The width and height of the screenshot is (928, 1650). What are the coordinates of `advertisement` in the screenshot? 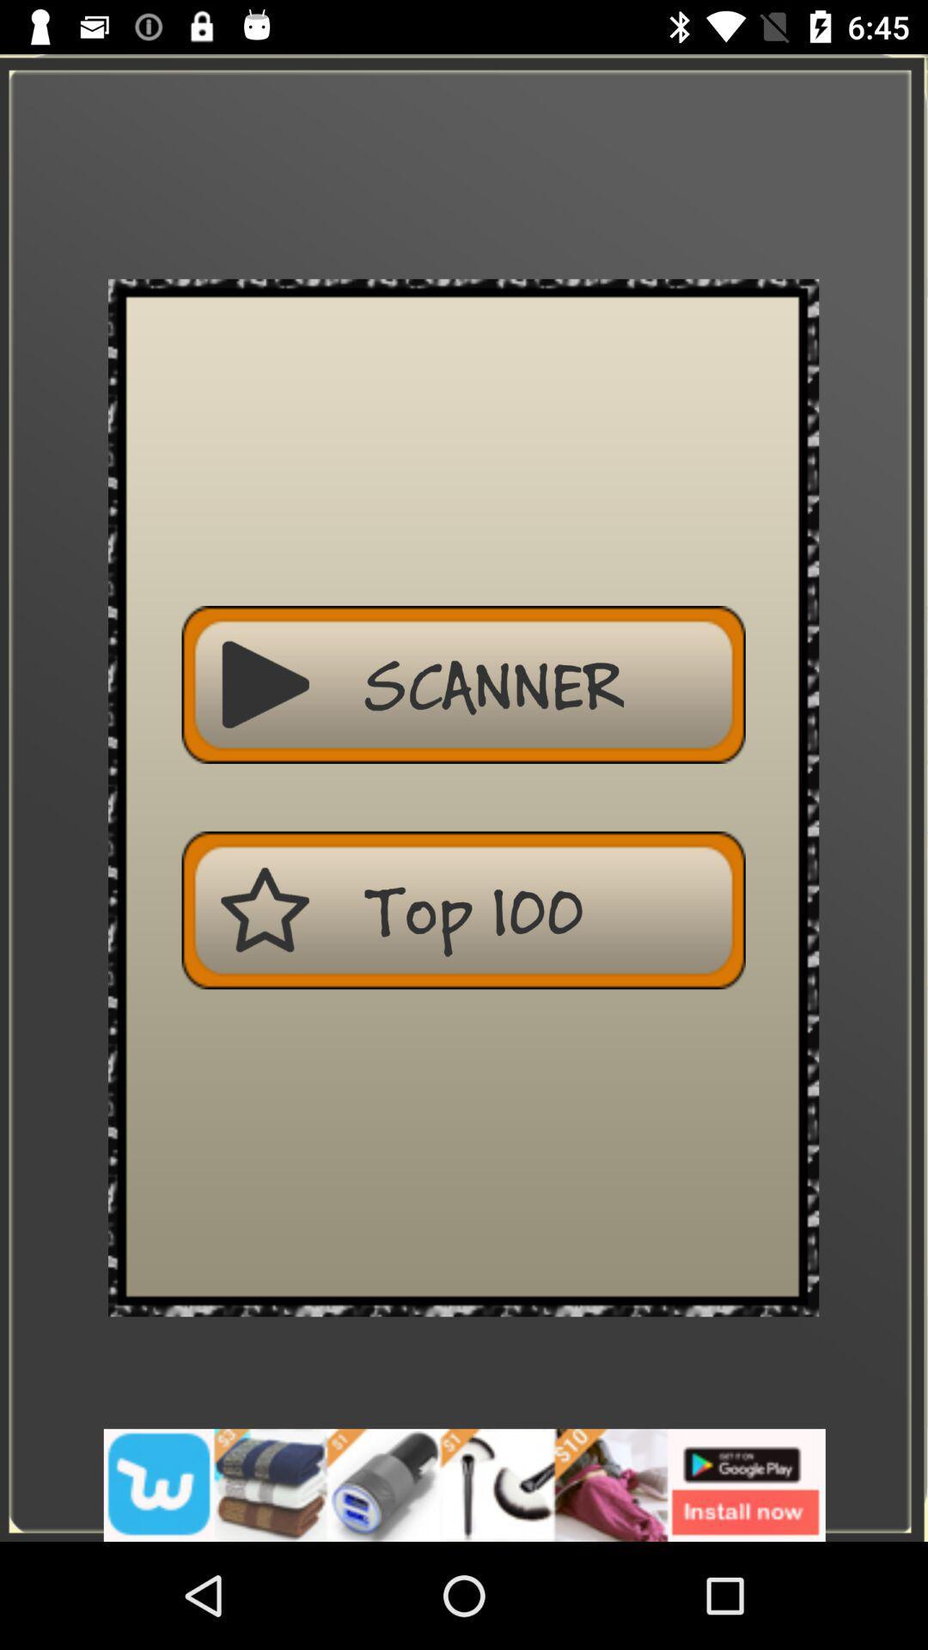 It's located at (464, 1484).